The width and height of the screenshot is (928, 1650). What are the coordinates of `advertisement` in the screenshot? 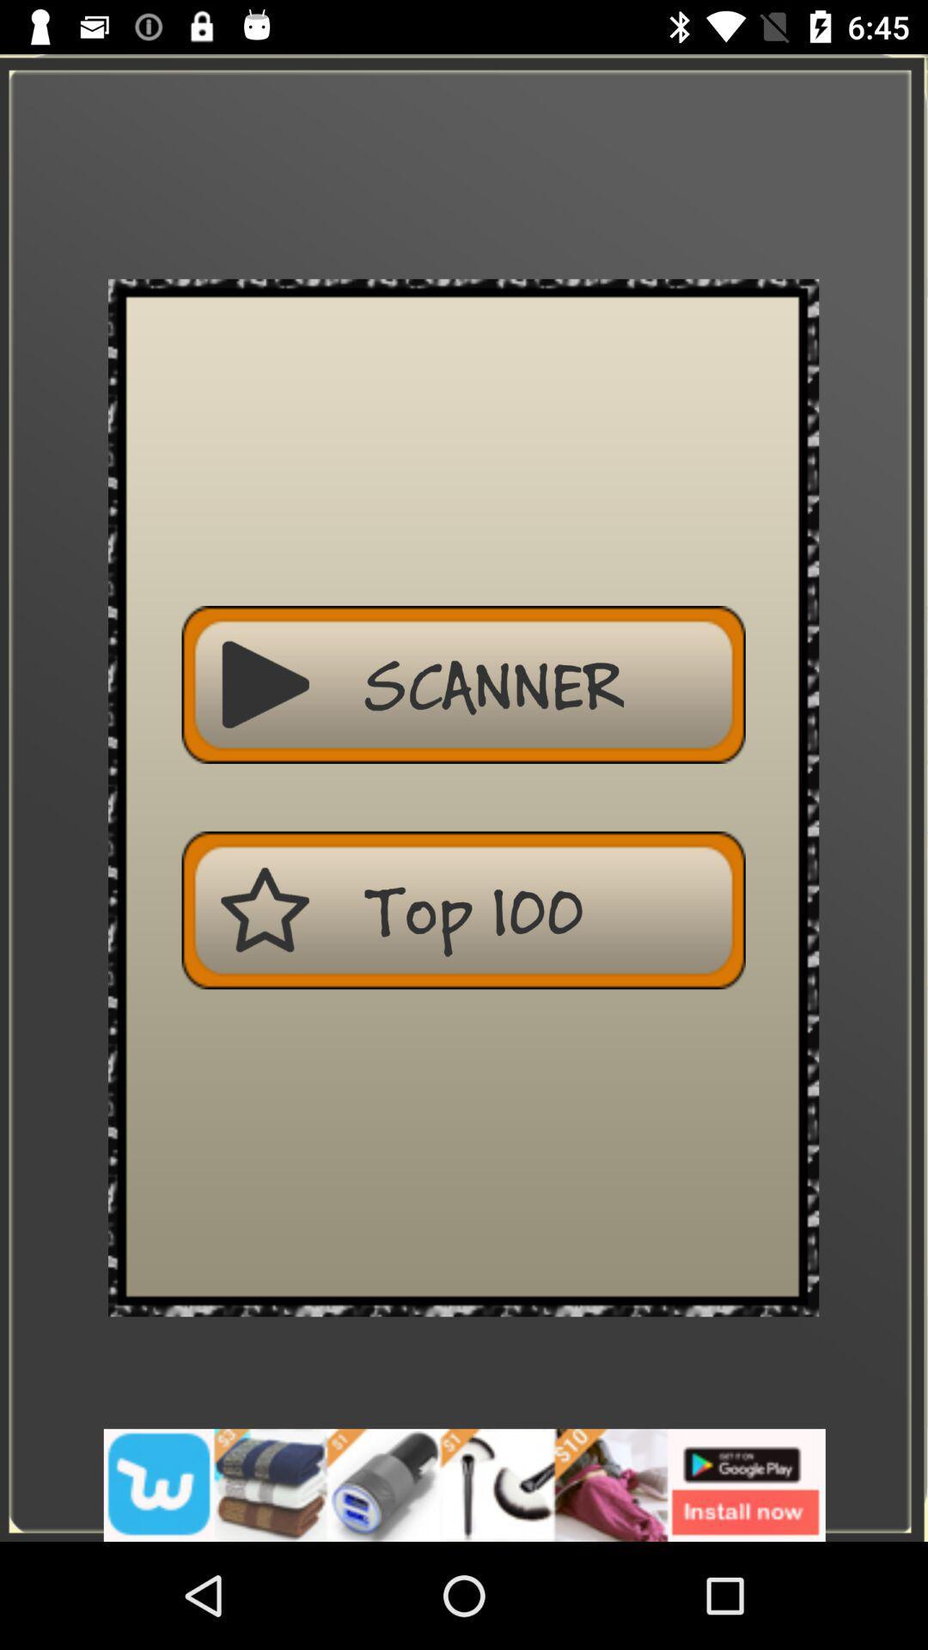 It's located at (464, 1484).